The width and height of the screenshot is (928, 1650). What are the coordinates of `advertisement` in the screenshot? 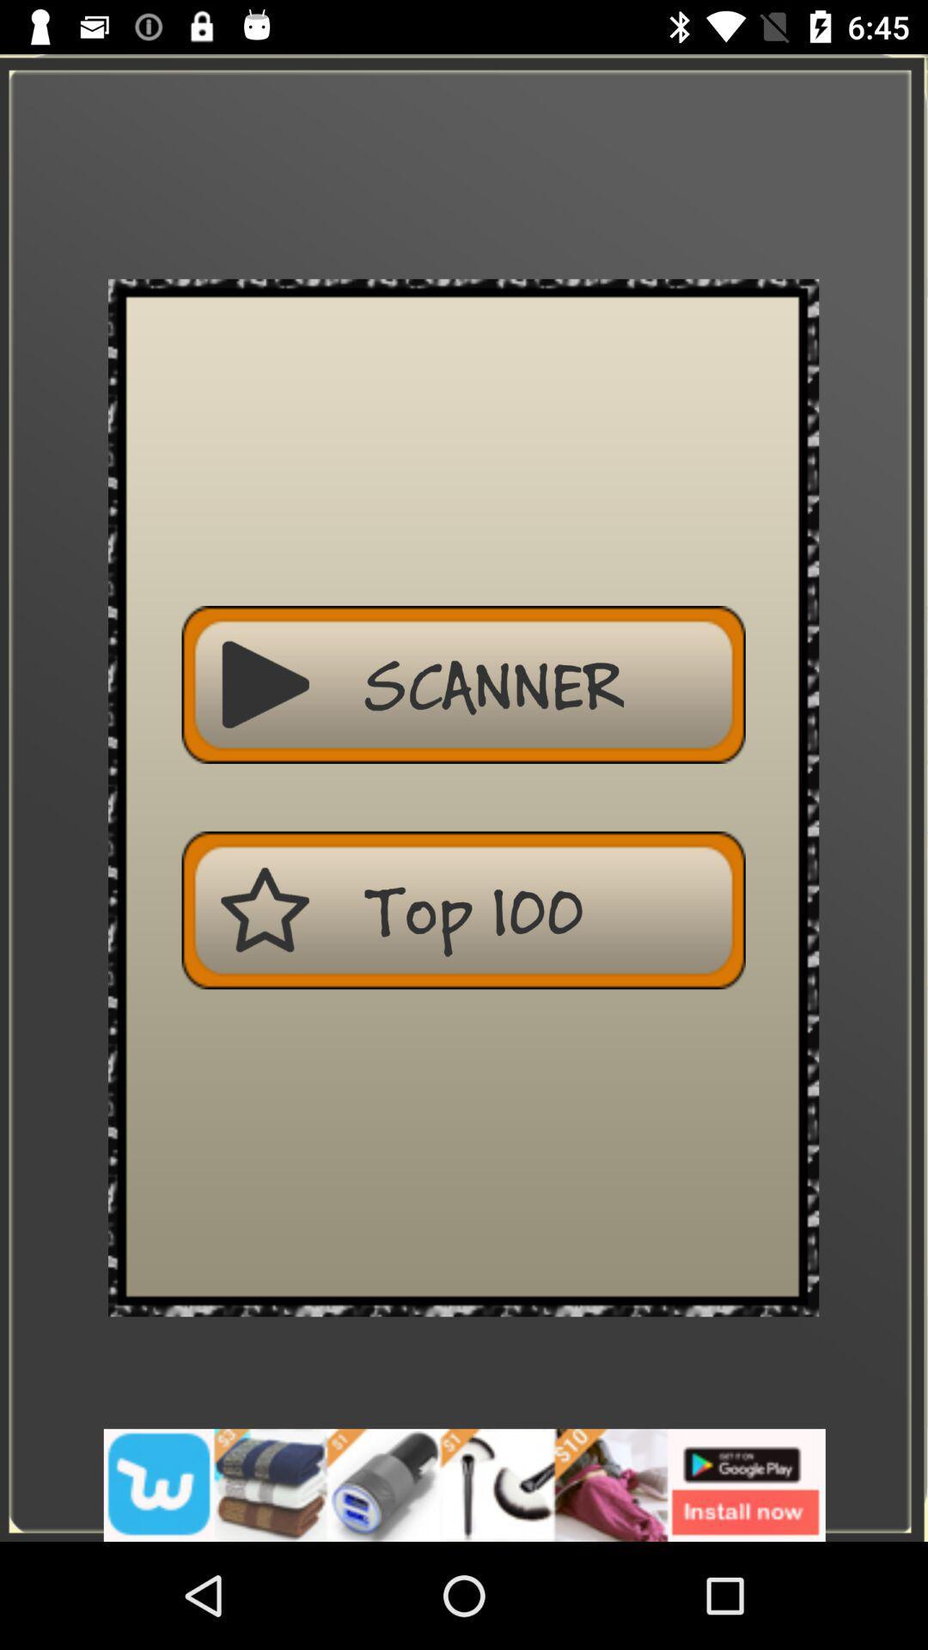 It's located at (464, 1484).